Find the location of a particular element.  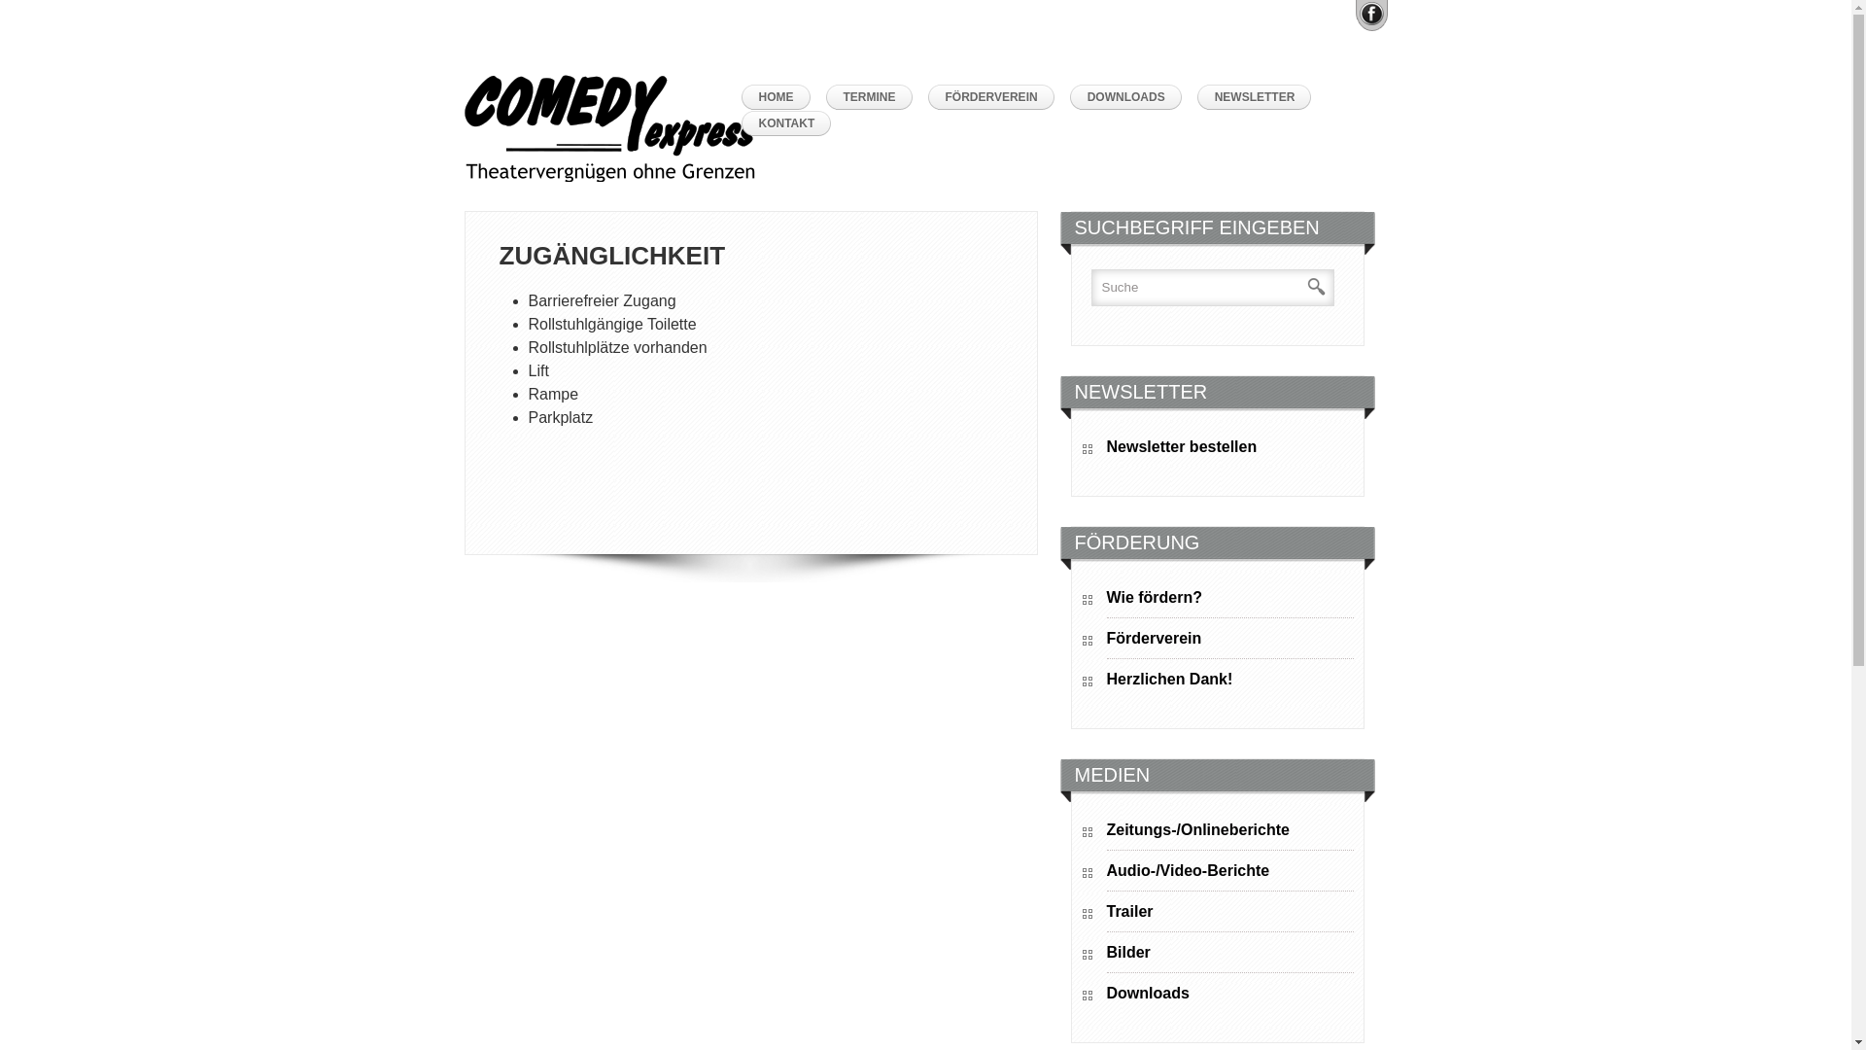

'DOWNLOADS' is located at coordinates (1130, 97).